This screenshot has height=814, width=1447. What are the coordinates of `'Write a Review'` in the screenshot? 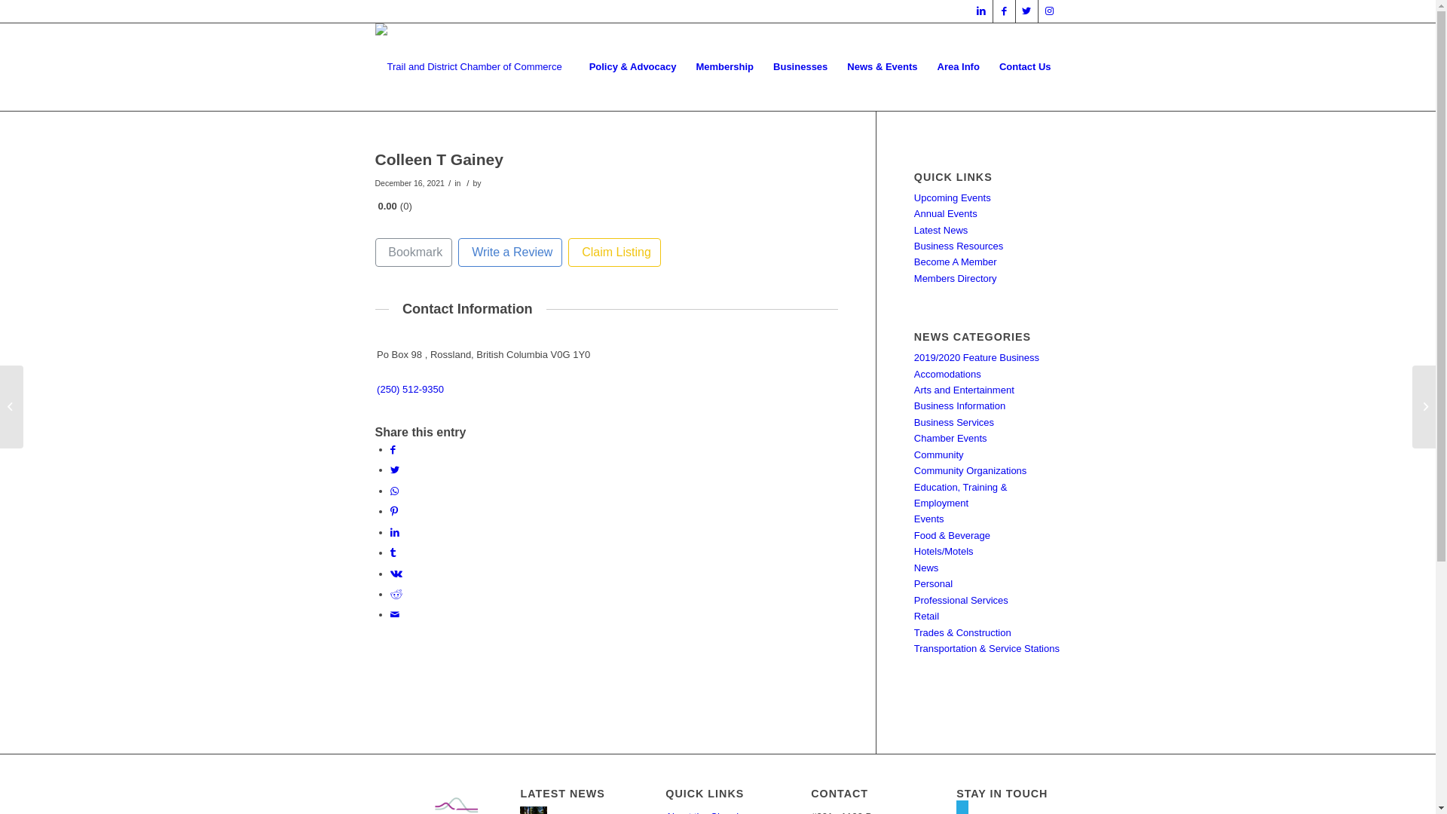 It's located at (509, 252).